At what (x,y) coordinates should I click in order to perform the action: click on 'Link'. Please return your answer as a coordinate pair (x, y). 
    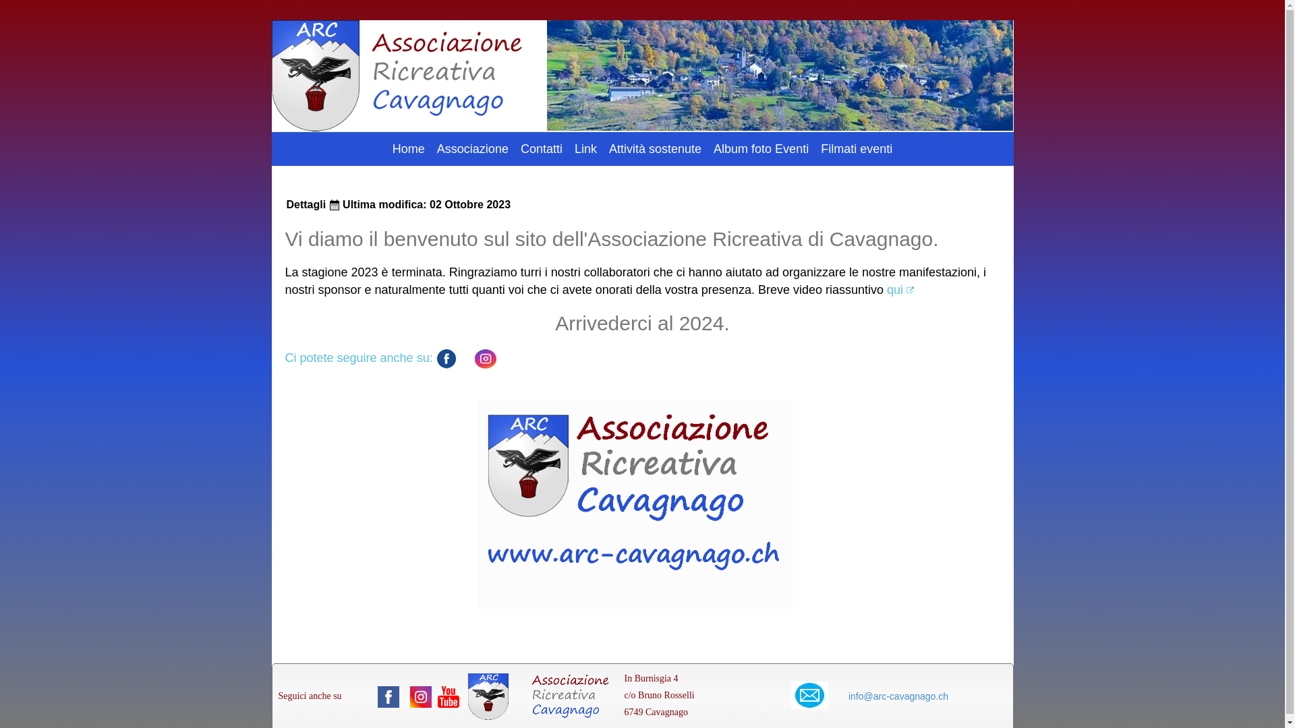
    Looking at the image, I should click on (585, 148).